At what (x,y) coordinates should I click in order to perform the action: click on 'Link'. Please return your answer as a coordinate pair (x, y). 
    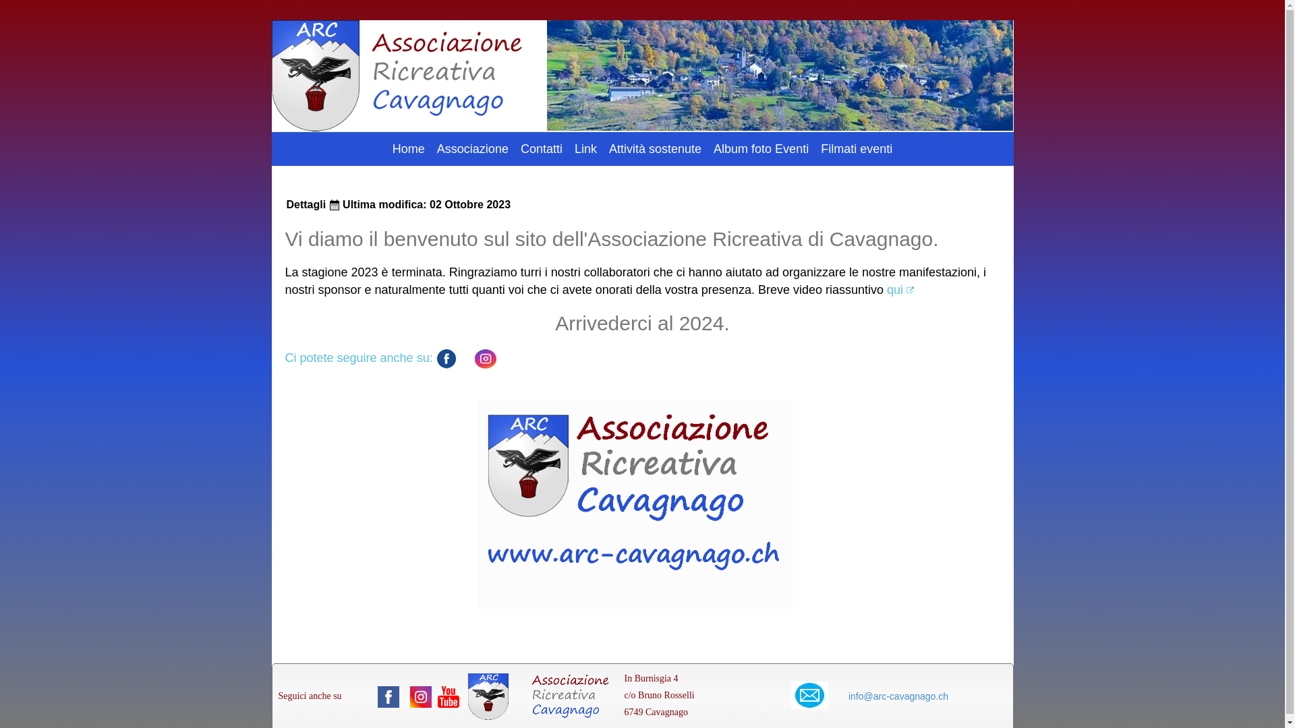
    Looking at the image, I should click on (585, 148).